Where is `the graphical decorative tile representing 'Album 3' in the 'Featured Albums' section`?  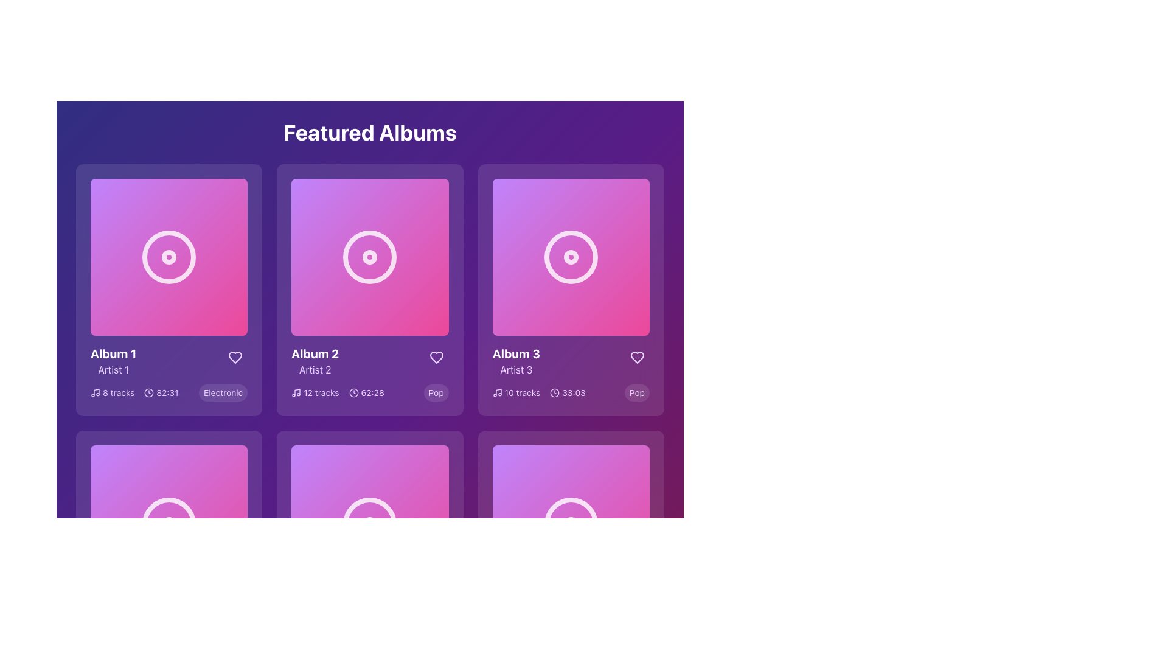
the graphical decorative tile representing 'Album 3' in the 'Featured Albums' section is located at coordinates (570, 257).